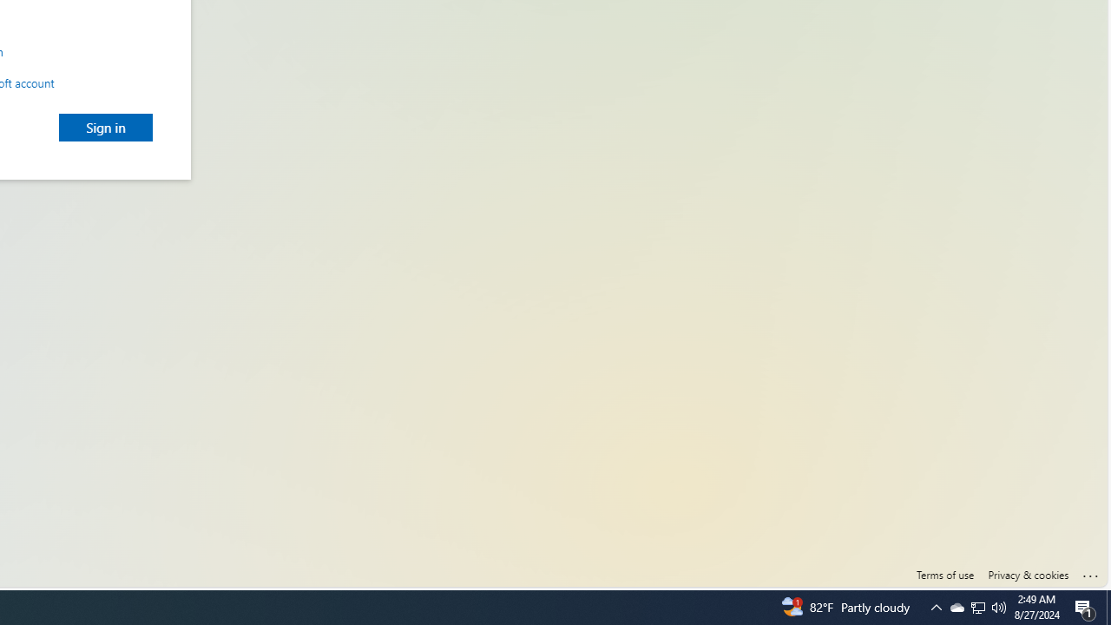 This screenshot has height=625, width=1111. Describe the element at coordinates (105, 126) in the screenshot. I see `'Sign in'` at that location.